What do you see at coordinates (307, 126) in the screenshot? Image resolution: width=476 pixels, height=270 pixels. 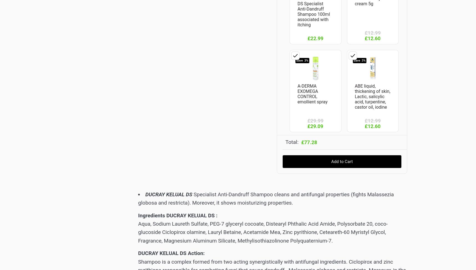 I see `'£29.09'` at bounding box center [307, 126].